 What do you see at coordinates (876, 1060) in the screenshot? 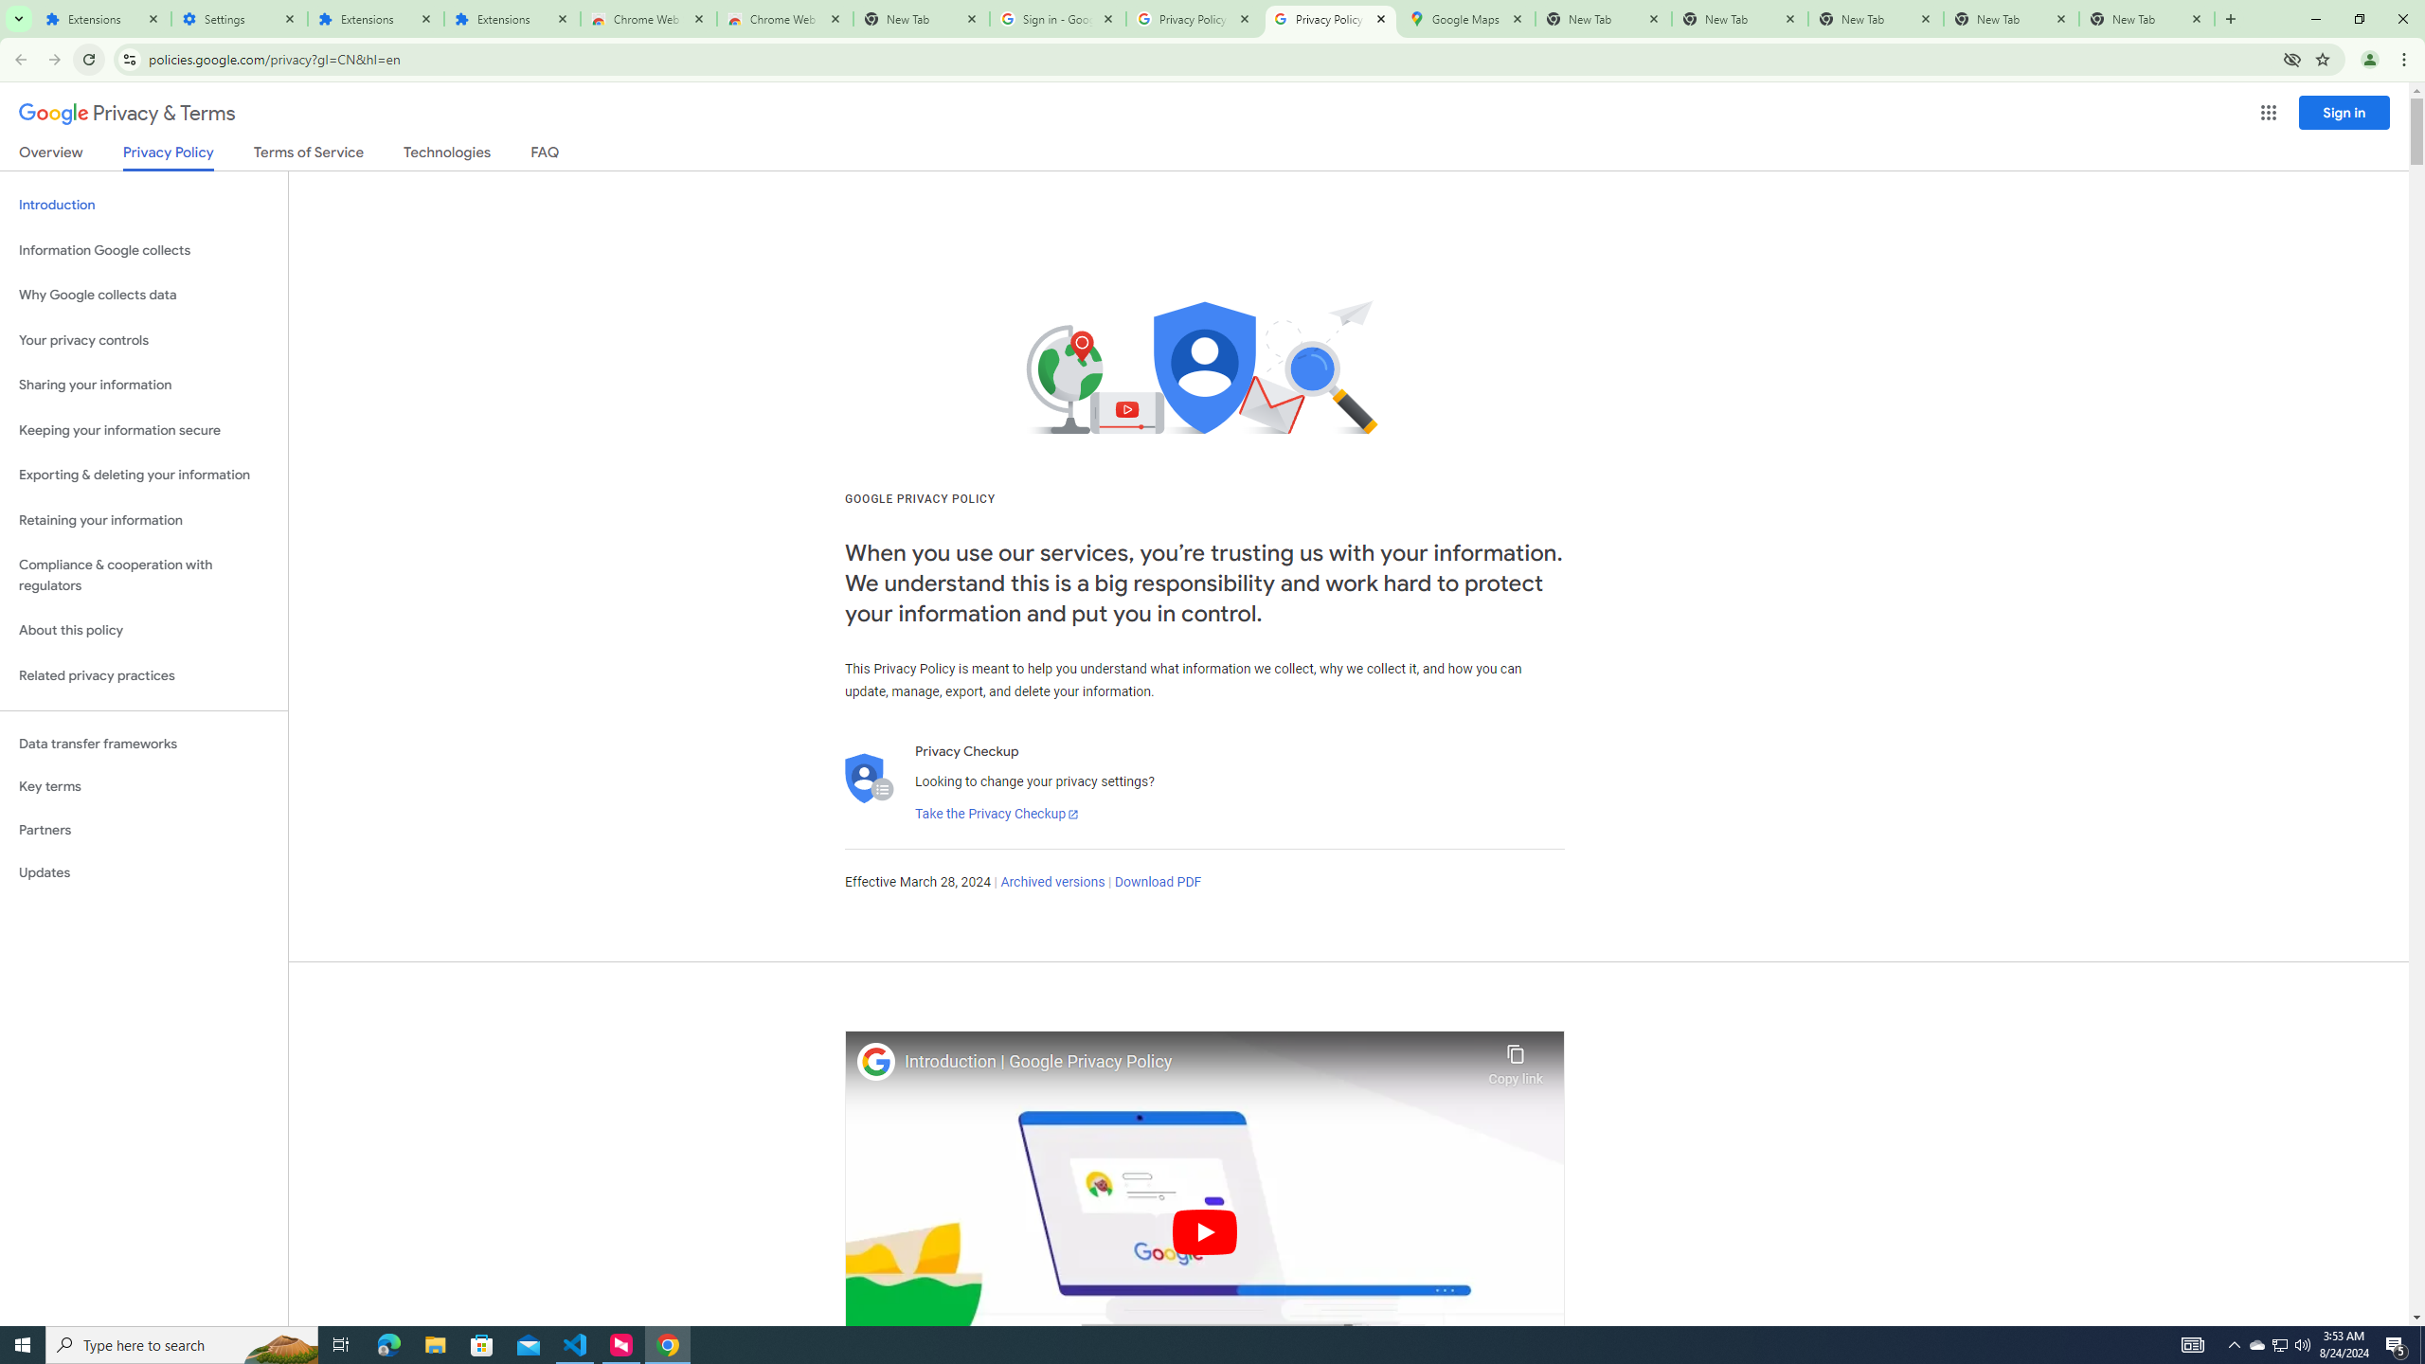
I see `'Photo image of Google'` at bounding box center [876, 1060].